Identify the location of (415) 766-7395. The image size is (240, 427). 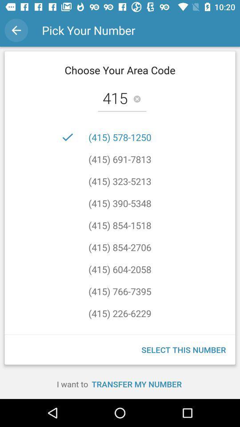
(120, 291).